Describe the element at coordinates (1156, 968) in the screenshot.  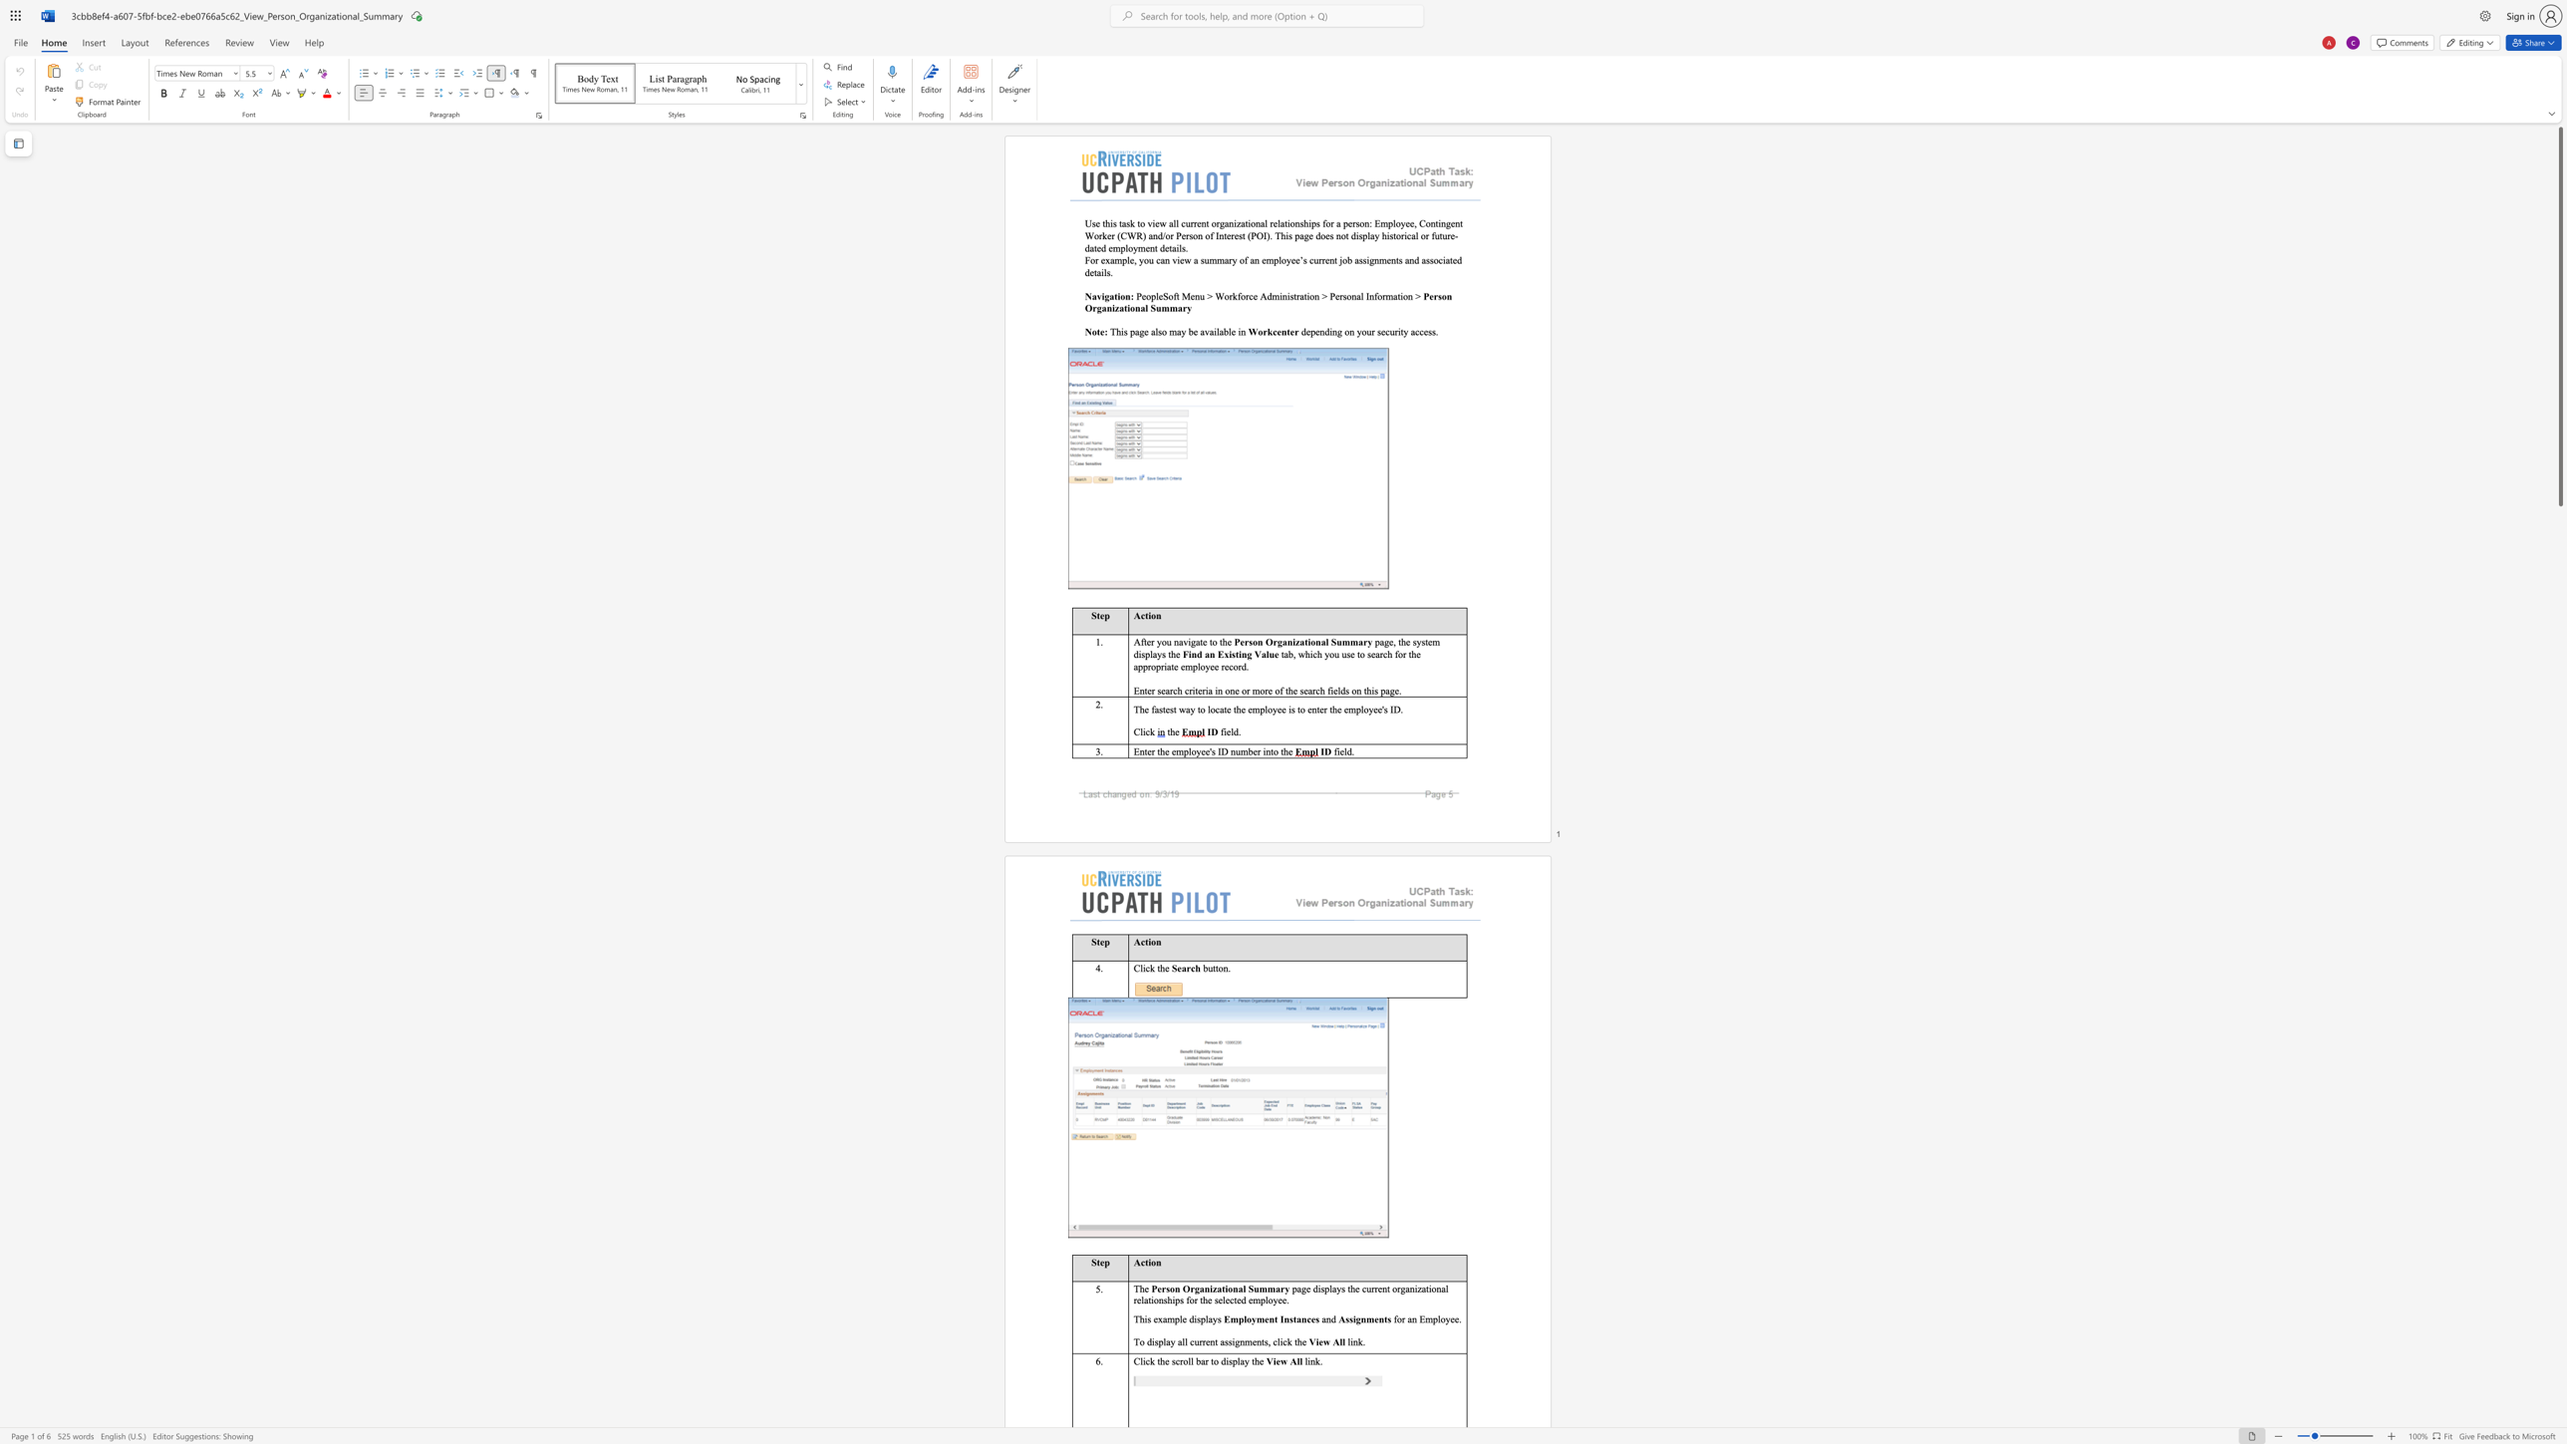
I see `the subset text "th" within the text "Click the"` at that location.